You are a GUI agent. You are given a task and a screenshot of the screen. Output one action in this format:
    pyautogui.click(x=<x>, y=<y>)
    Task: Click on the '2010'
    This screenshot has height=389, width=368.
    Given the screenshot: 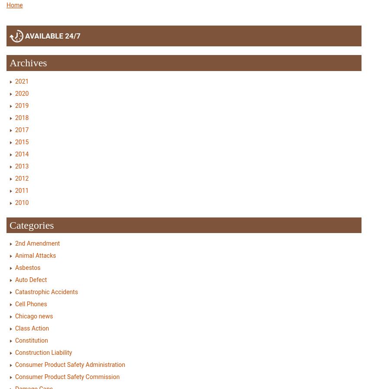 What is the action you would take?
    pyautogui.click(x=22, y=201)
    